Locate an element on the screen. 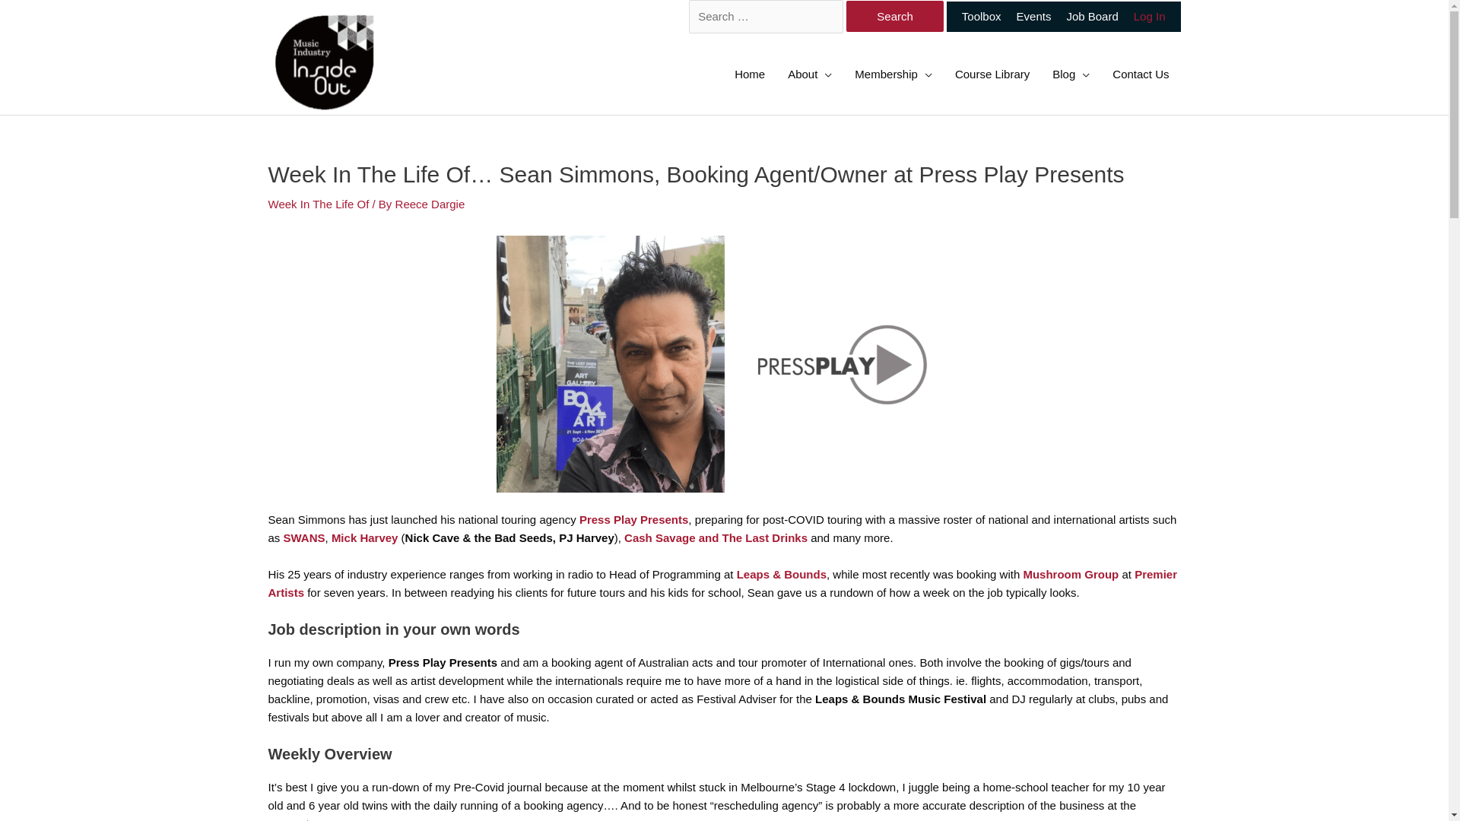 This screenshot has width=1460, height=821. 'Events' is located at coordinates (1033, 17).